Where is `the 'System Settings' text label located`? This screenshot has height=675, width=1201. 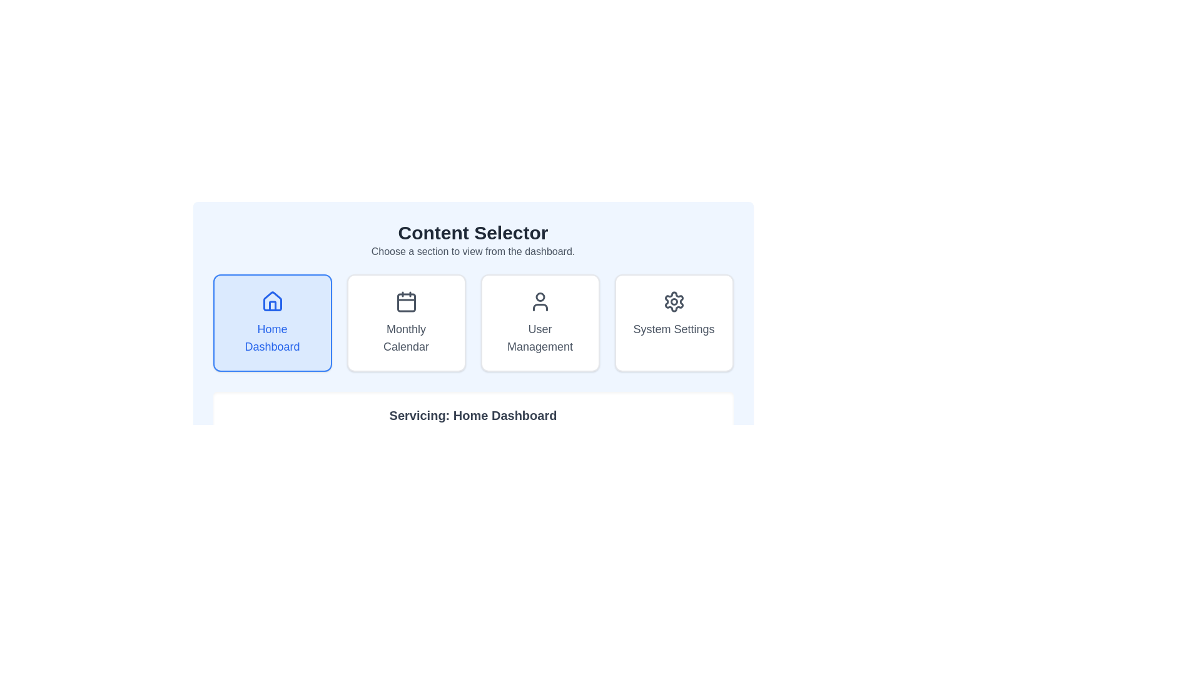 the 'System Settings' text label located is located at coordinates (673, 329).